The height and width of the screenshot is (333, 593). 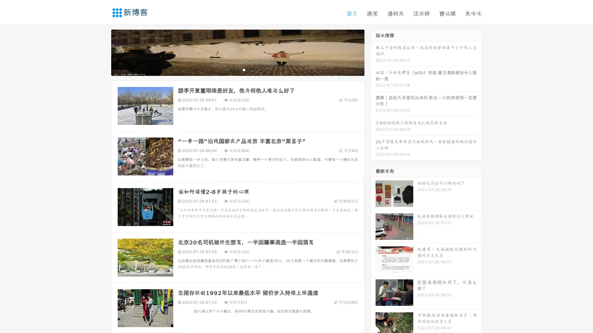 I want to click on Previous slide, so click(x=102, y=52).